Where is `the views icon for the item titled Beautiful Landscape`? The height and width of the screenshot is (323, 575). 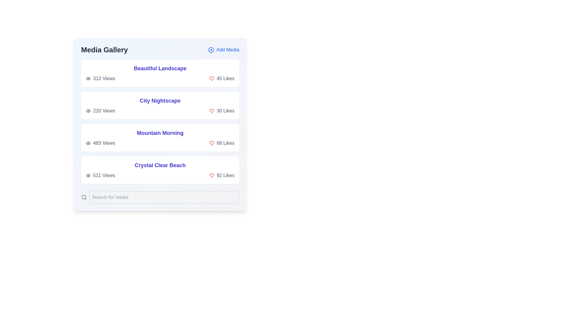 the views icon for the item titled Beautiful Landscape is located at coordinates (88, 78).